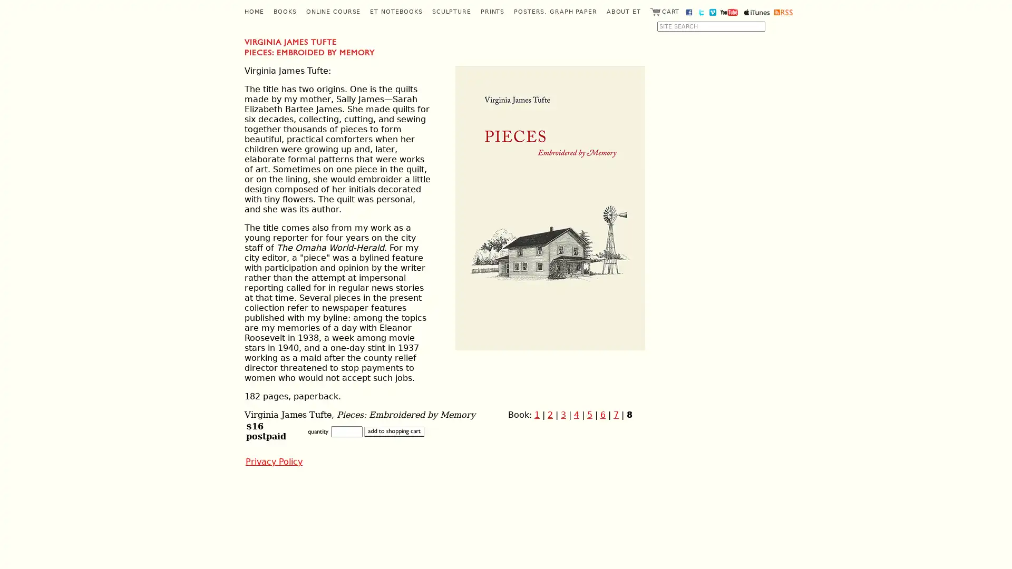 This screenshot has width=1012, height=569. Describe the element at coordinates (394, 431) in the screenshot. I see `add to shopping cart` at that location.